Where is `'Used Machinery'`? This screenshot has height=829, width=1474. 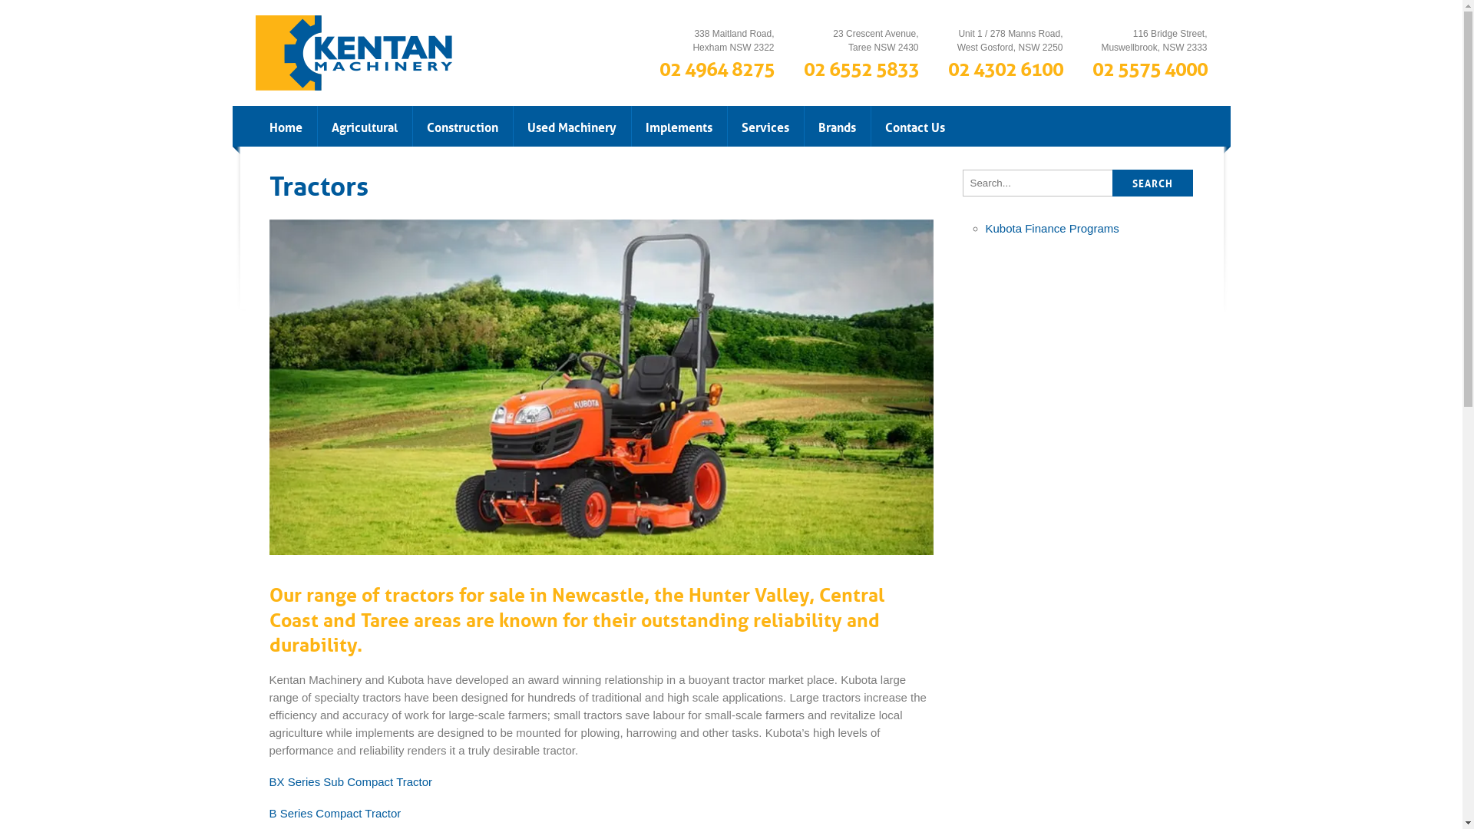
'Used Machinery' is located at coordinates (570, 125).